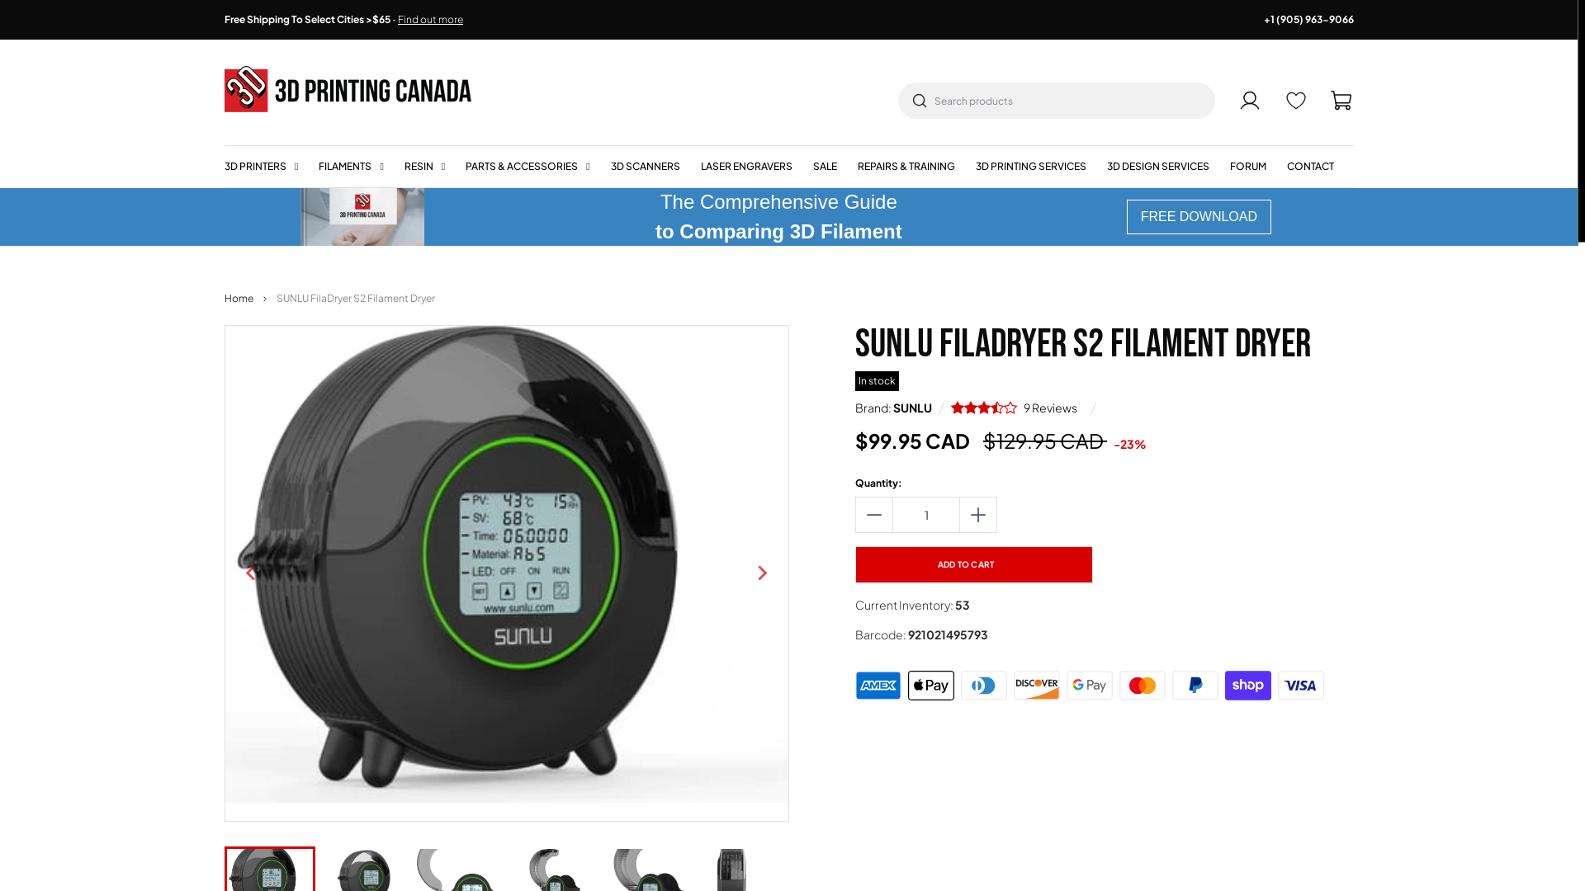 The image size is (1585, 891). I want to click on 'Find out more', so click(430, 19).